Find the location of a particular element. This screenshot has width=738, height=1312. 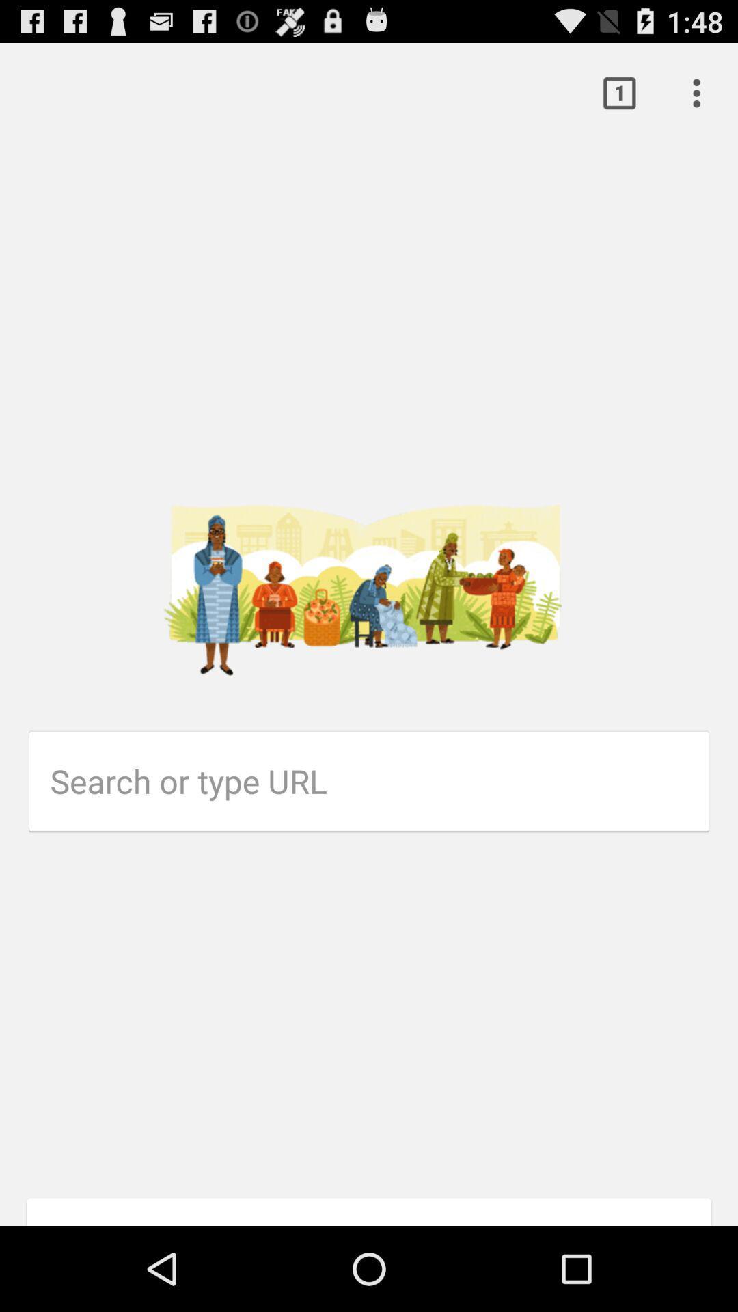

url is located at coordinates (379, 781).